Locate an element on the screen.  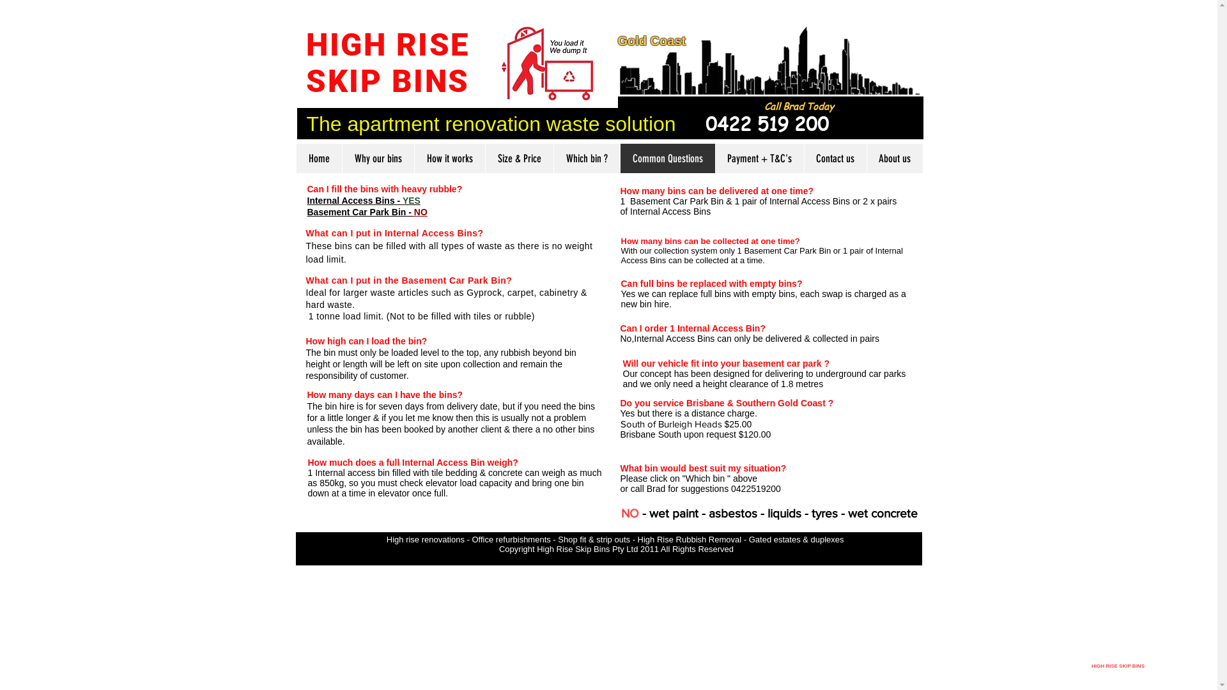
'Home' is located at coordinates (319, 157).